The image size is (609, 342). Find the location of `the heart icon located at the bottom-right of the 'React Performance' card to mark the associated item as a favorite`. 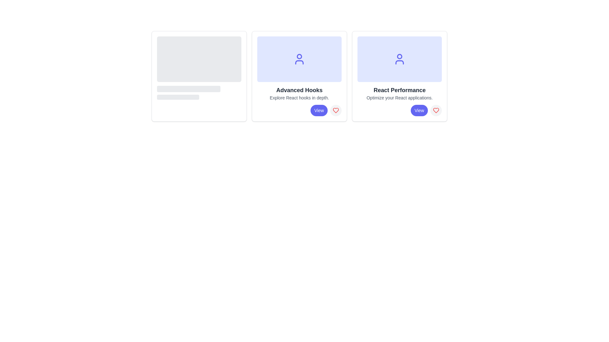

the heart icon located at the bottom-right of the 'React Performance' card to mark the associated item as a favorite is located at coordinates (435, 110).